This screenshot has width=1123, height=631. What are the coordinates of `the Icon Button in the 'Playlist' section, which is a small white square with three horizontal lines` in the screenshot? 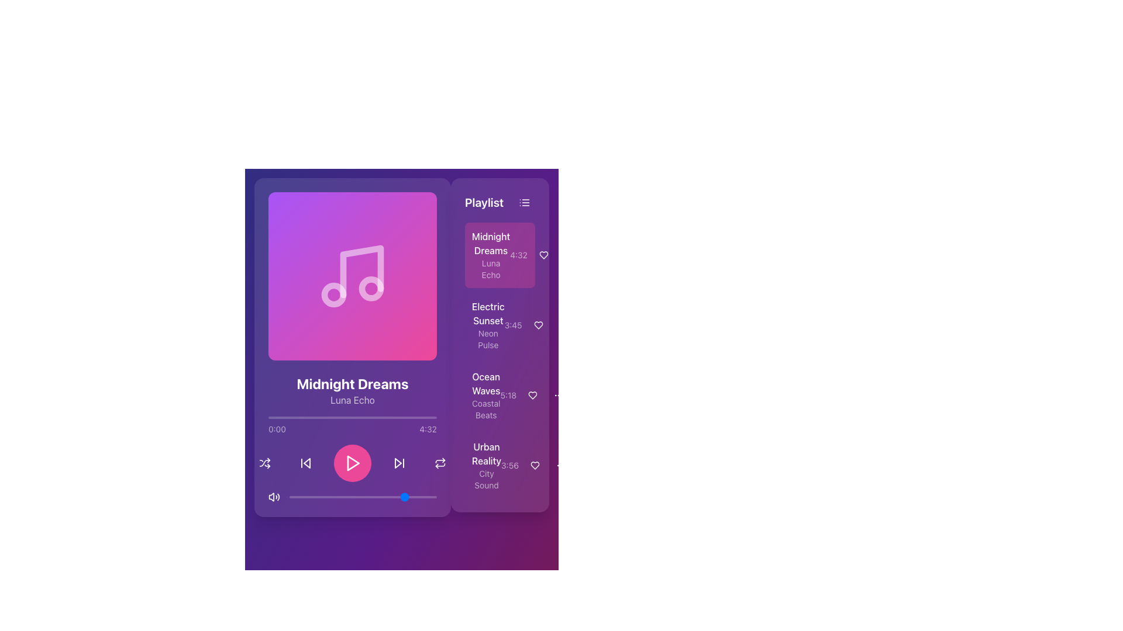 It's located at (524, 202).